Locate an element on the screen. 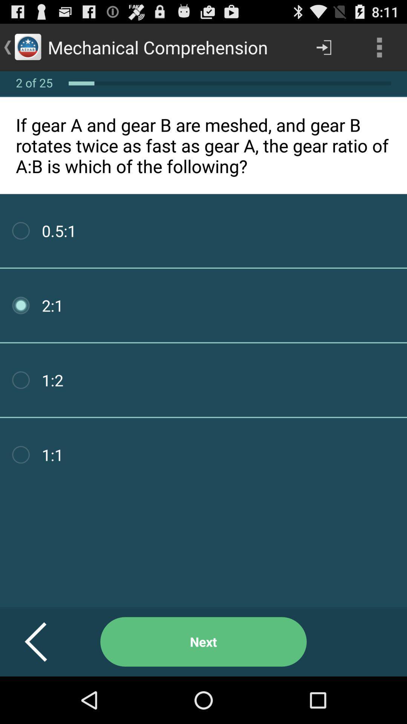 The width and height of the screenshot is (407, 724). button to the left of next is located at coordinates (45, 641).